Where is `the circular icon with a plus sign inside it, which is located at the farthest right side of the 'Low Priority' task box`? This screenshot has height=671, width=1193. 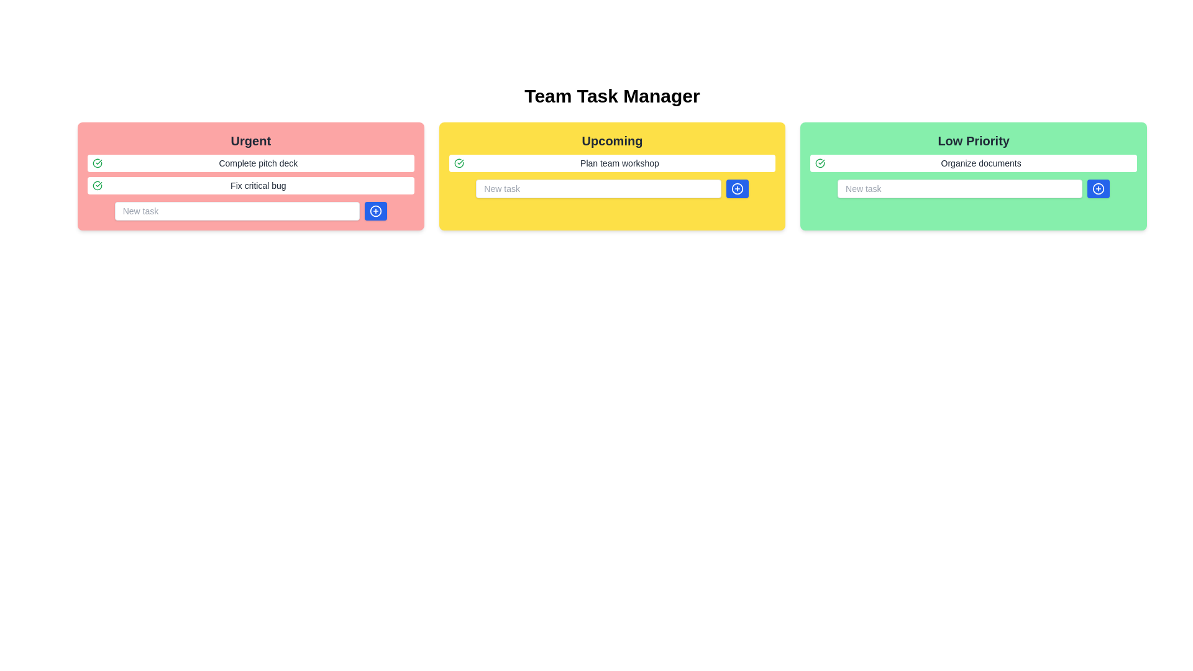 the circular icon with a plus sign inside it, which is located at the farthest right side of the 'Low Priority' task box is located at coordinates (1099, 189).